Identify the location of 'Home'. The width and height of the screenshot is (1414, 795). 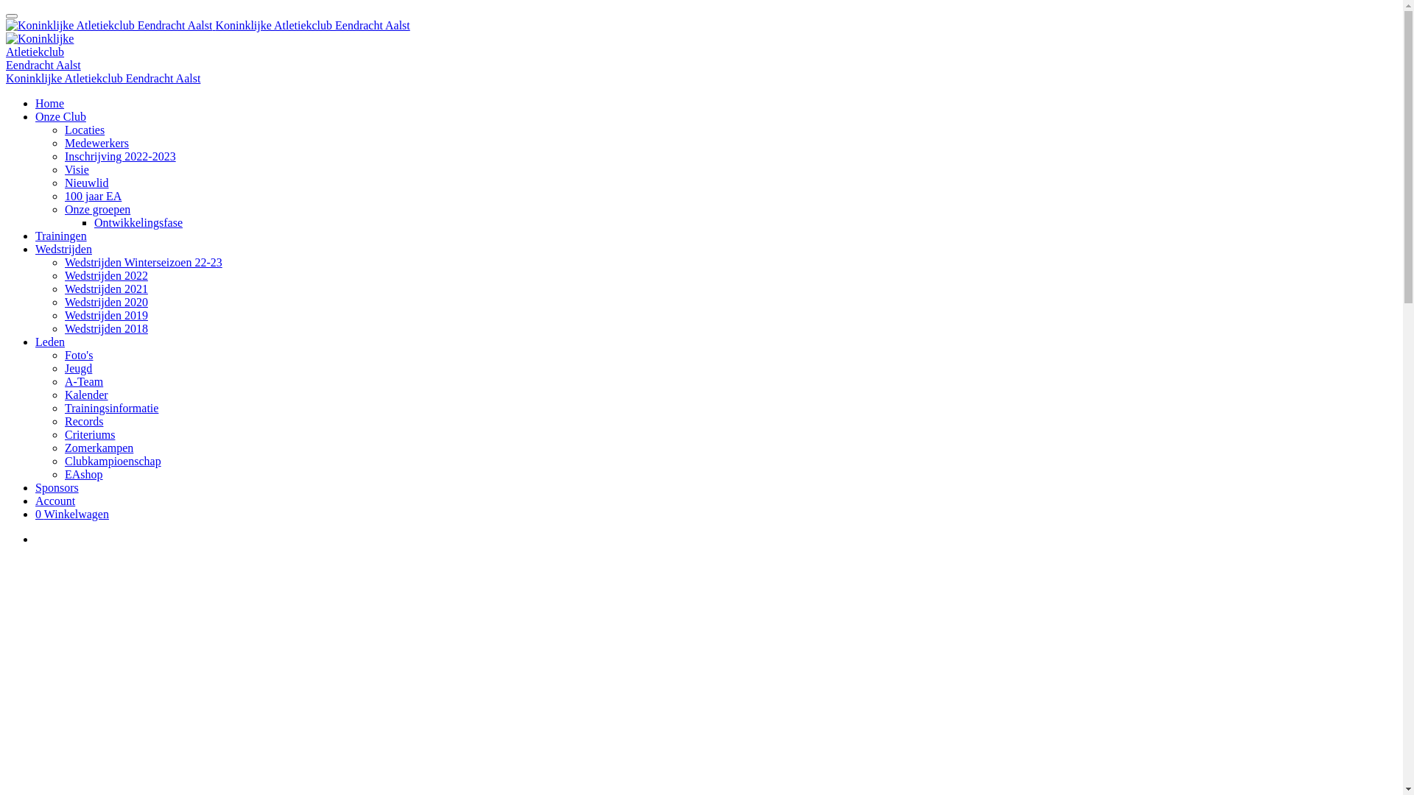
(49, 102).